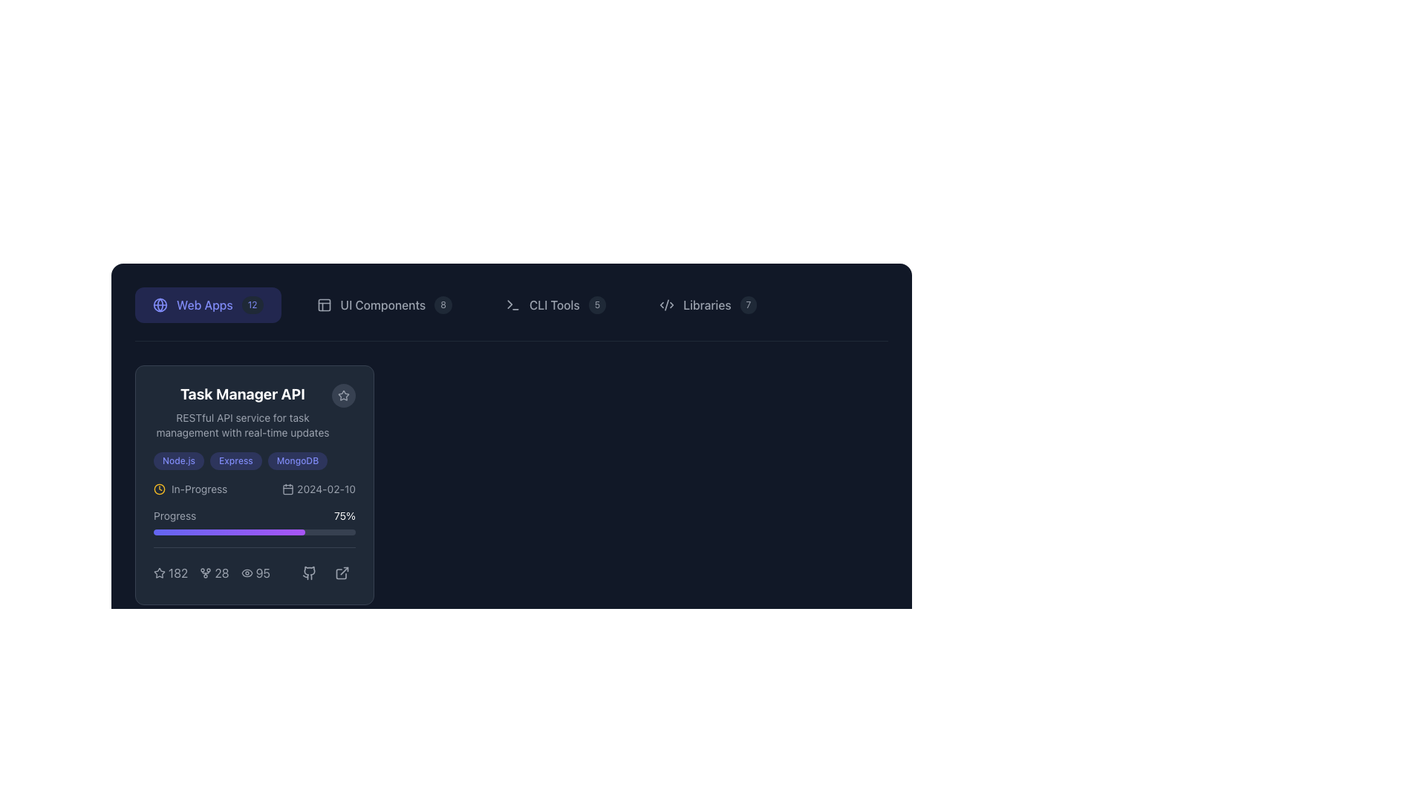  Describe the element at coordinates (666, 304) in the screenshot. I see `the XML code icon in the navigation menu labeled 'Libraries', which is the fourth option and is styled in light gray with rounded strokes` at that location.